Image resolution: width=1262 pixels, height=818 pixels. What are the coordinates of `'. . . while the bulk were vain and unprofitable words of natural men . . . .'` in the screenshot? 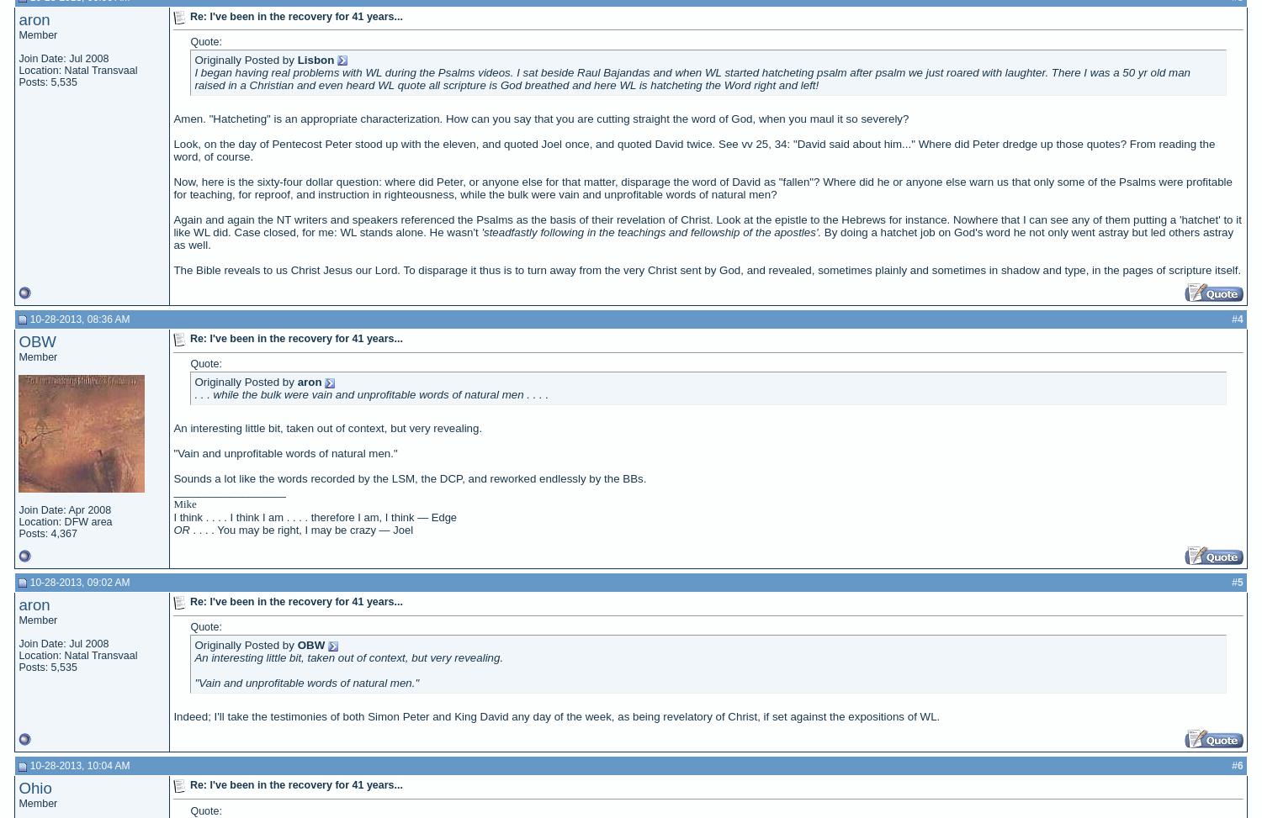 It's located at (370, 394).